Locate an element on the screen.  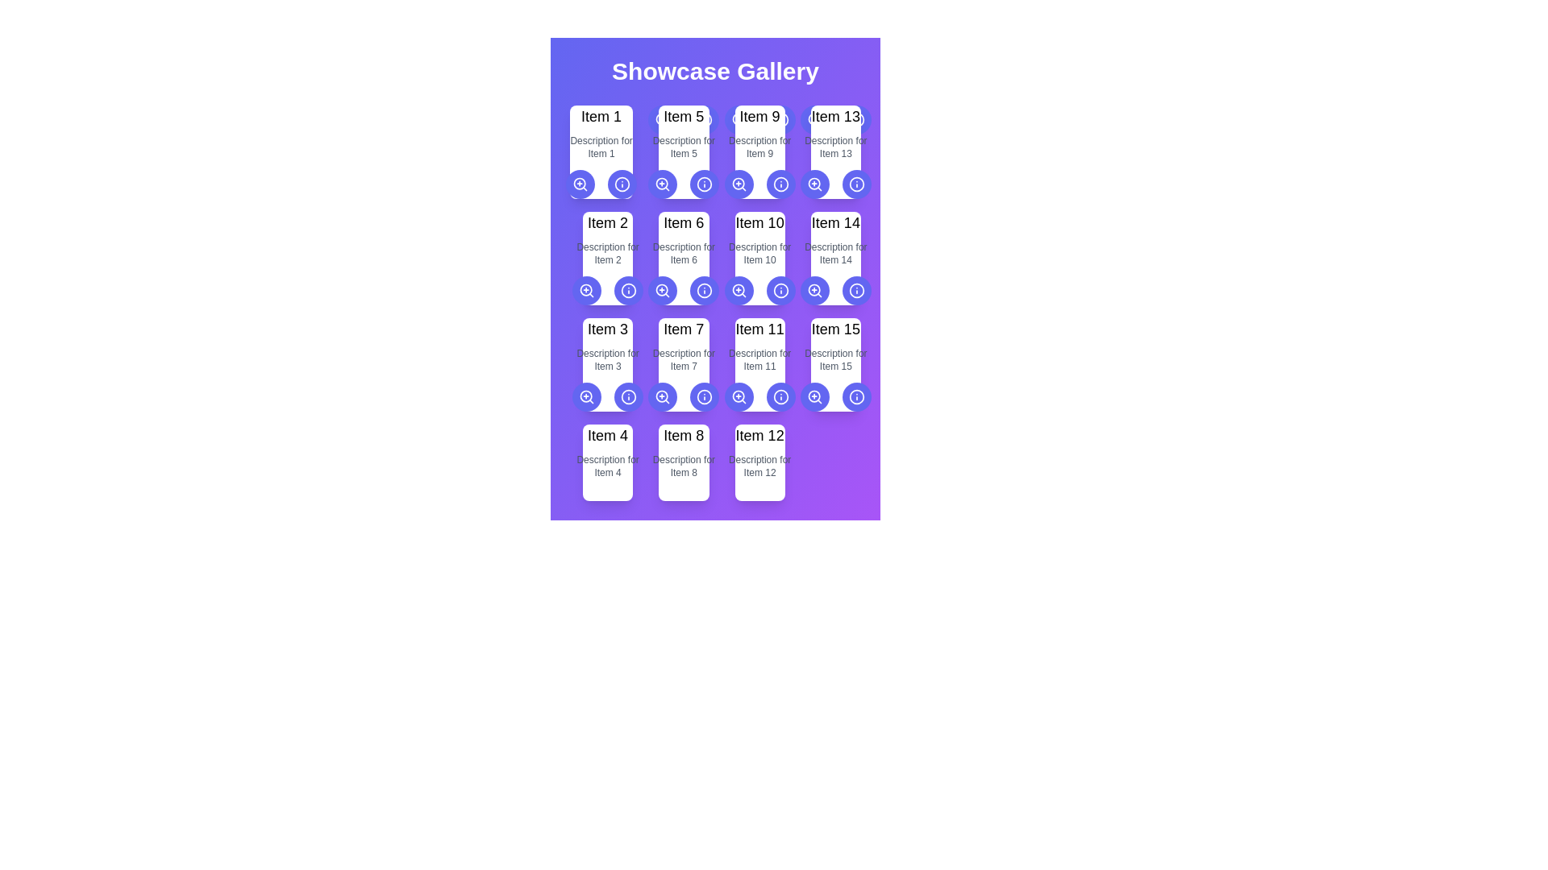
the zoom-in button in the grouped set of interactive buttons located below the title and description of 'Item 2' is located at coordinates (607, 291).